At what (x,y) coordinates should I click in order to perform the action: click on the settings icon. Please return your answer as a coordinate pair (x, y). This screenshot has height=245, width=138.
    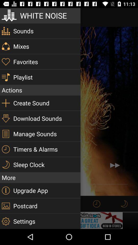
    Looking at the image, I should click on (5, 221).